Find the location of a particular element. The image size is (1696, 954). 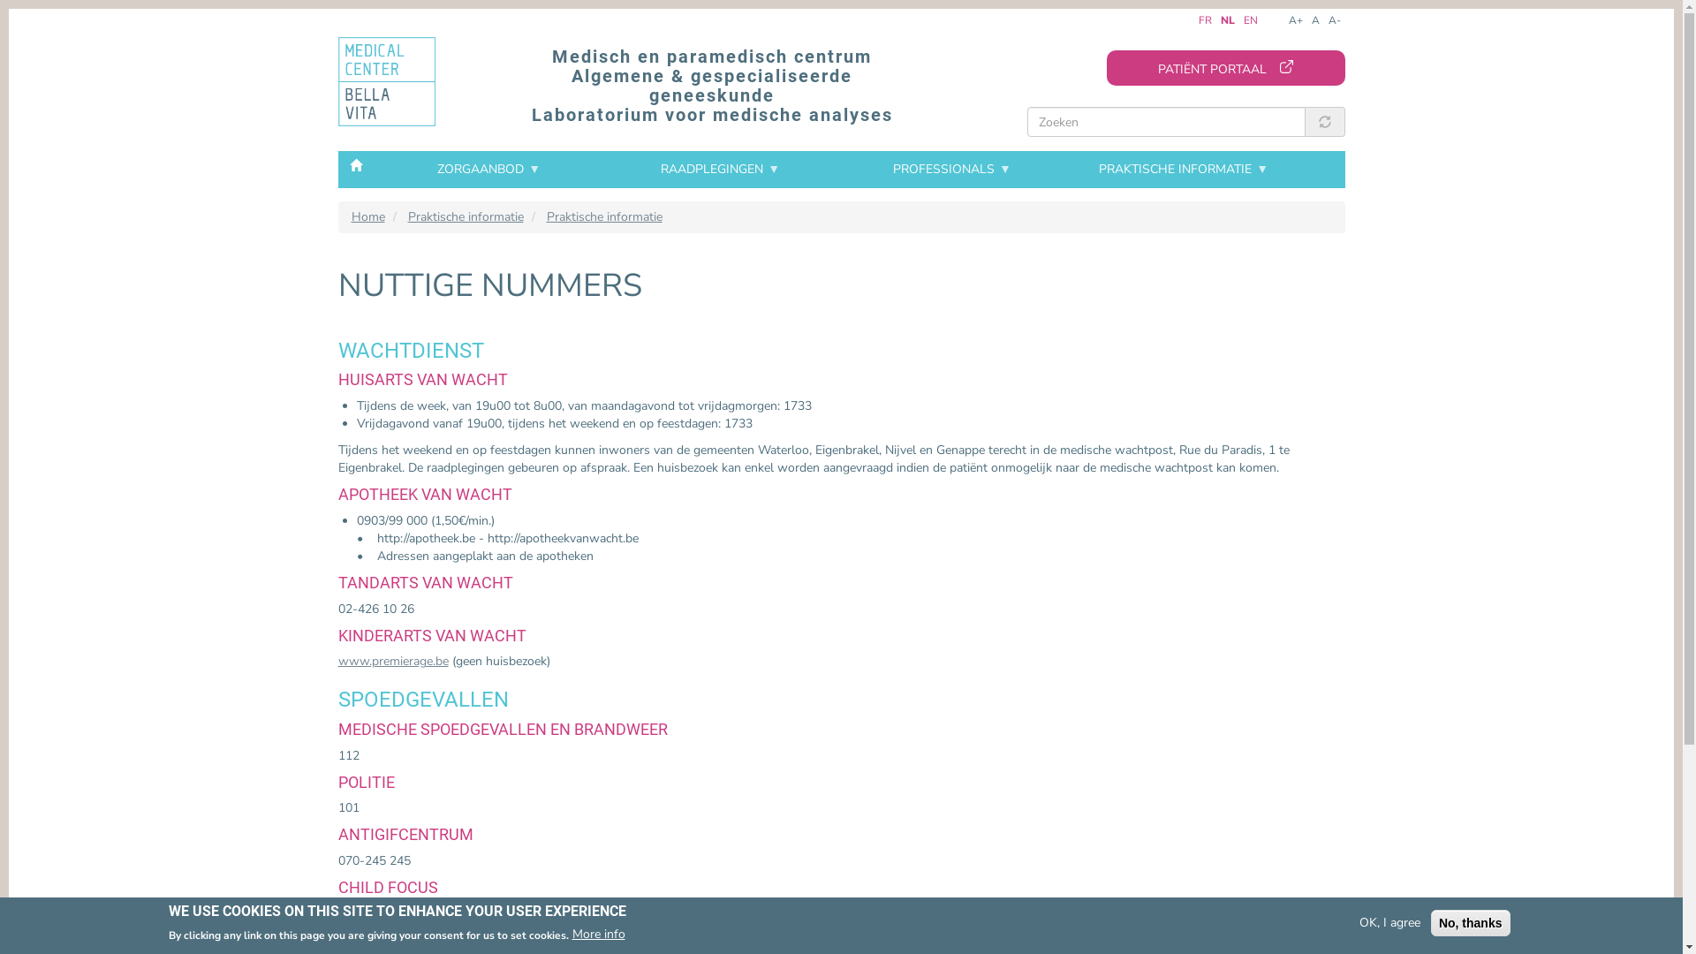

'DIALYSECENTRUM' is located at coordinates (450, 402).